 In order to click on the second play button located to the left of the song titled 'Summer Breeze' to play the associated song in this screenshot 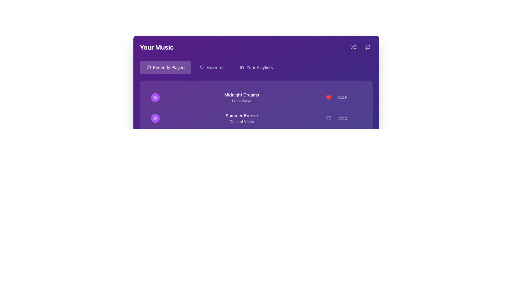, I will do `click(155, 118)`.